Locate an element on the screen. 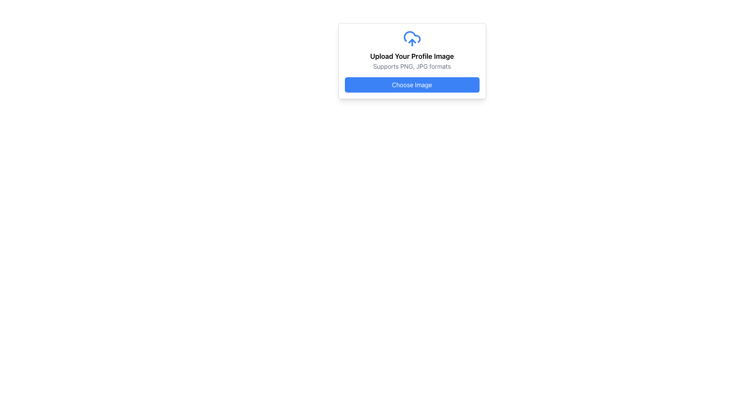 This screenshot has width=739, height=415. the blue cloud-shaped icon with an upward-pointing arrow, which signifies upload functionality, located at the top of the card labeled 'Upload Your Profile Image' is located at coordinates (411, 38).